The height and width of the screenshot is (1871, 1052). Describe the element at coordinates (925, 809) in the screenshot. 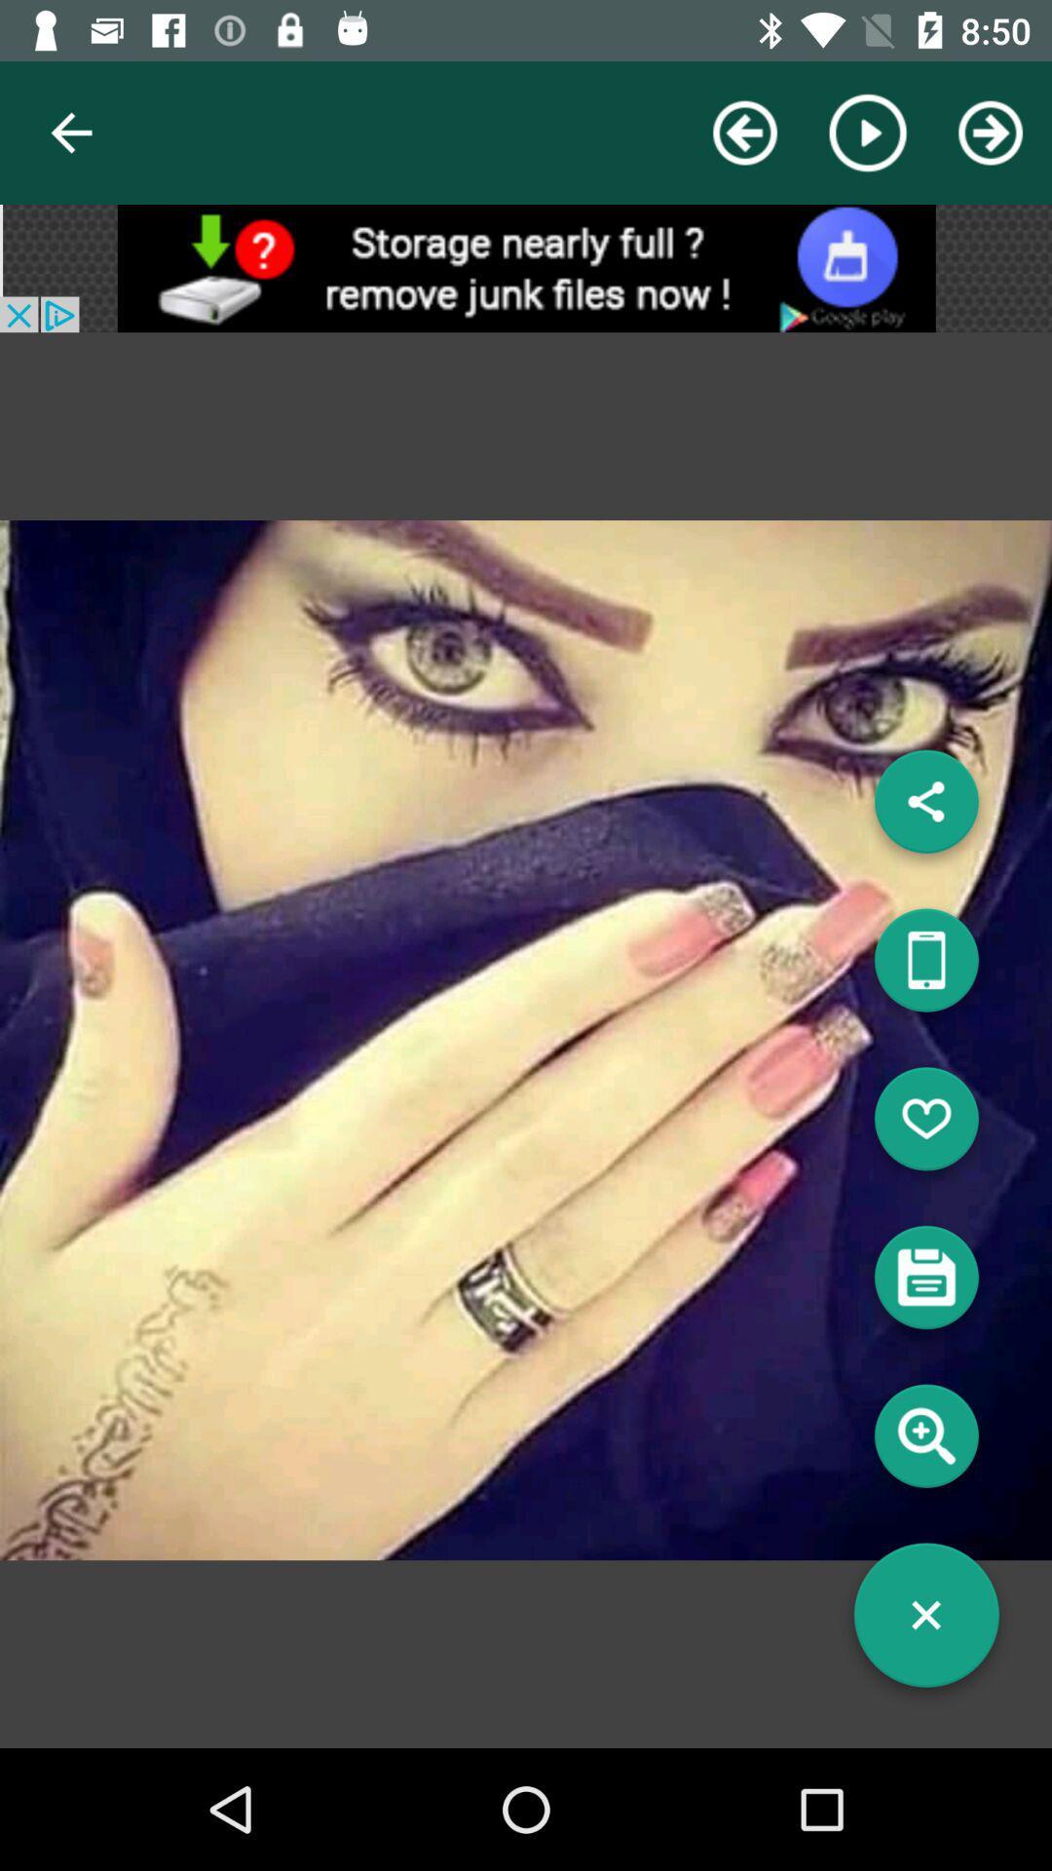

I see `share the photo` at that location.